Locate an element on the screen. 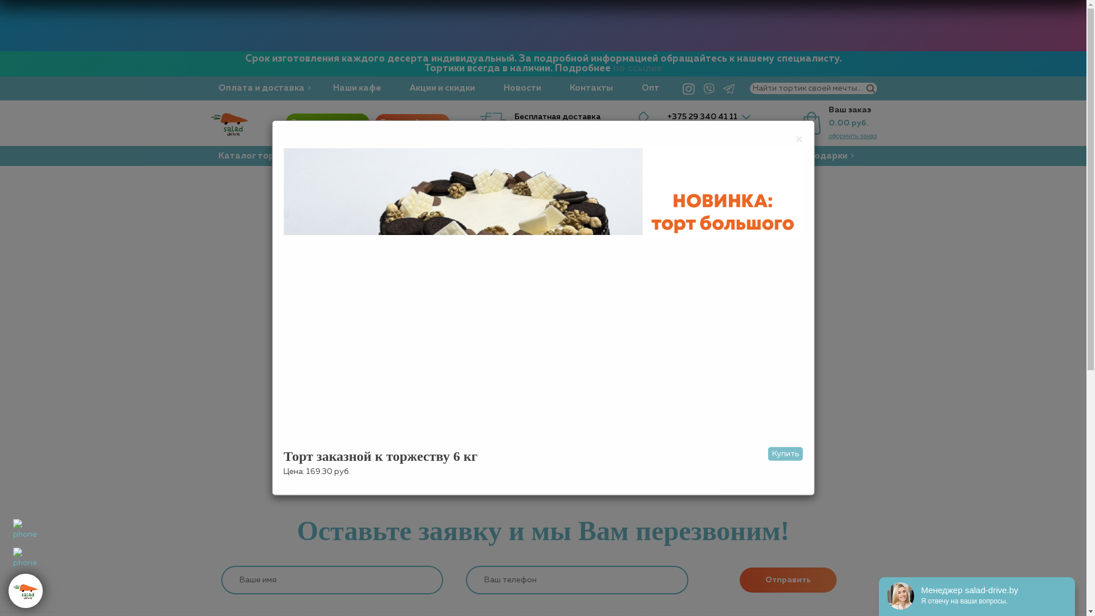  'Instagram' is located at coordinates (688, 87).